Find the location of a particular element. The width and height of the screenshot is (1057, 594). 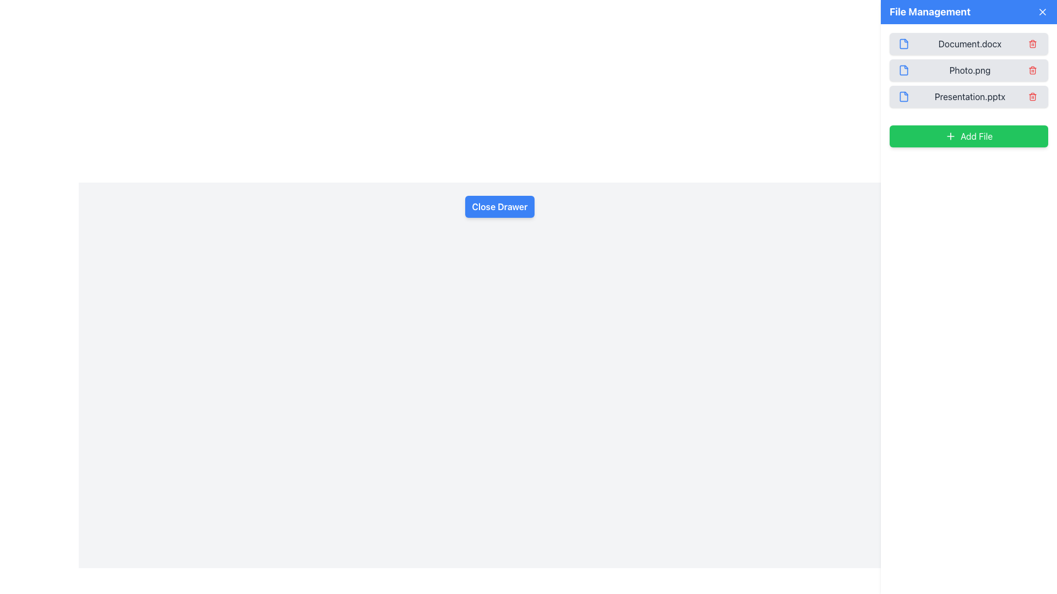

the delete button for the file 'Presentation.pptx' located in the 'File Management' section is located at coordinates (1032, 96).